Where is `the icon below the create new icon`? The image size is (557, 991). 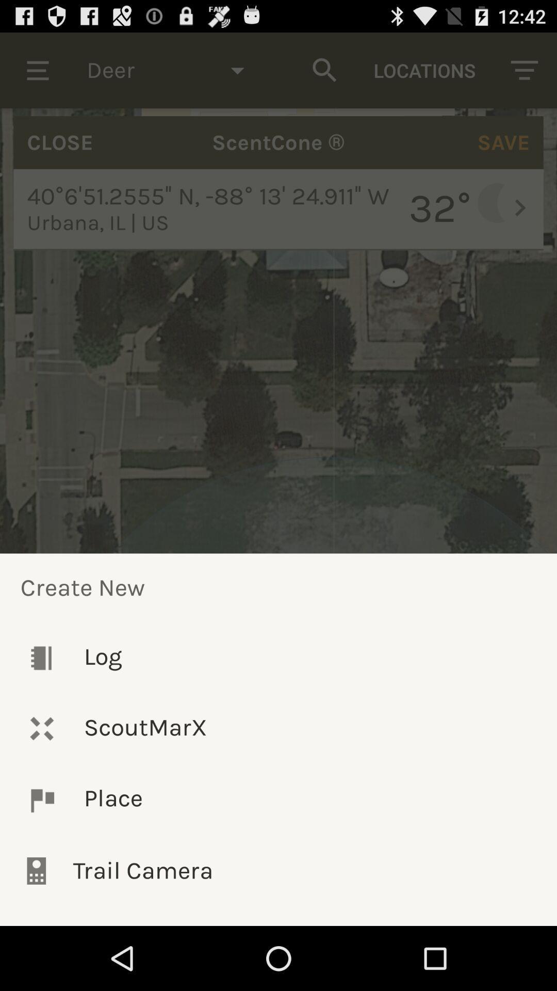
the icon below the create new icon is located at coordinates (278, 657).